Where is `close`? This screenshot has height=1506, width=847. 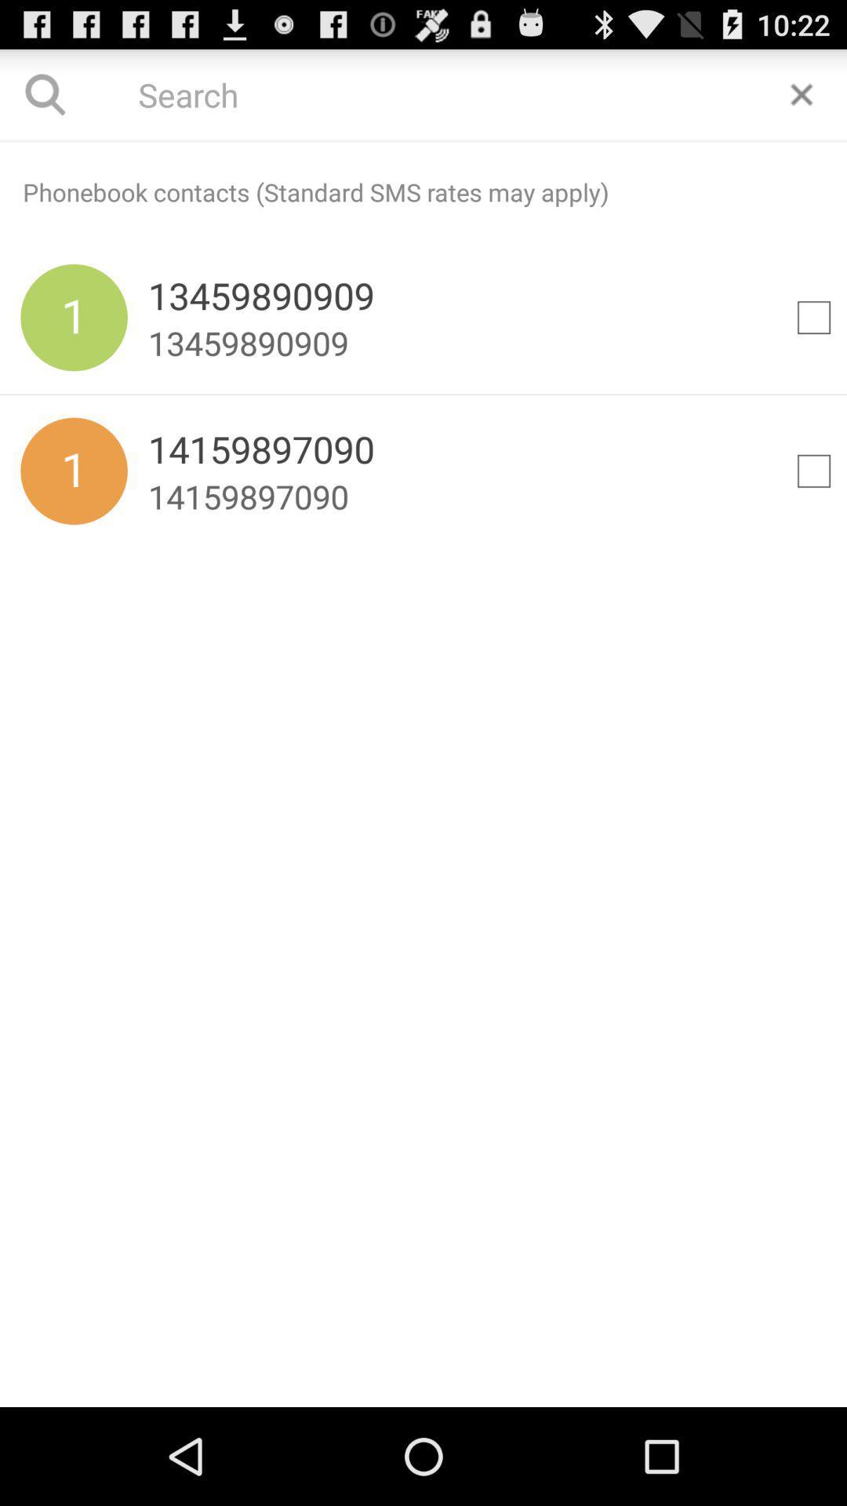 close is located at coordinates (802, 93).